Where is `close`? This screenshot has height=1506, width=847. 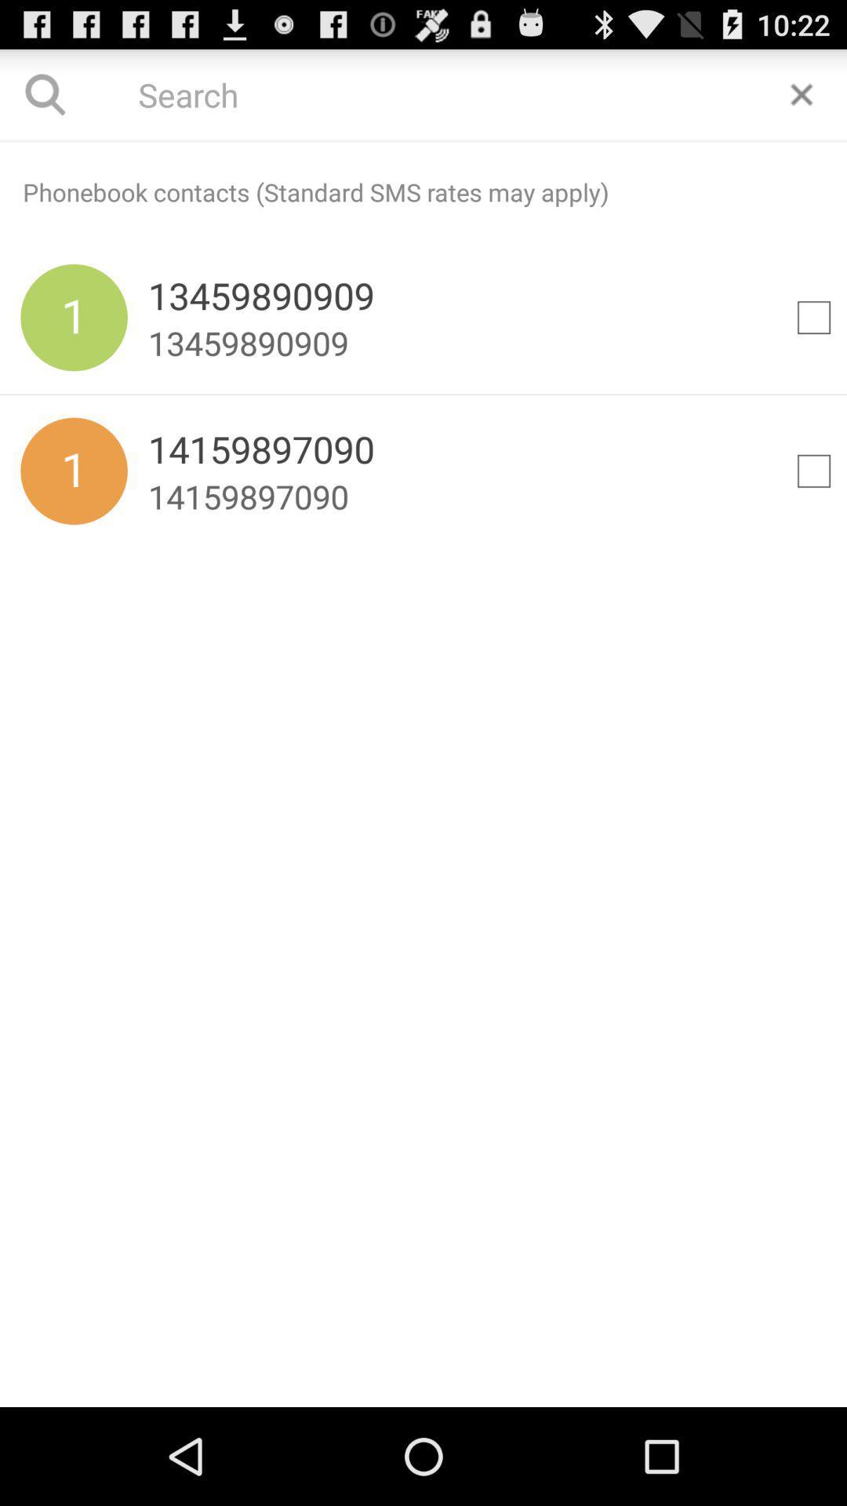 close is located at coordinates (802, 93).